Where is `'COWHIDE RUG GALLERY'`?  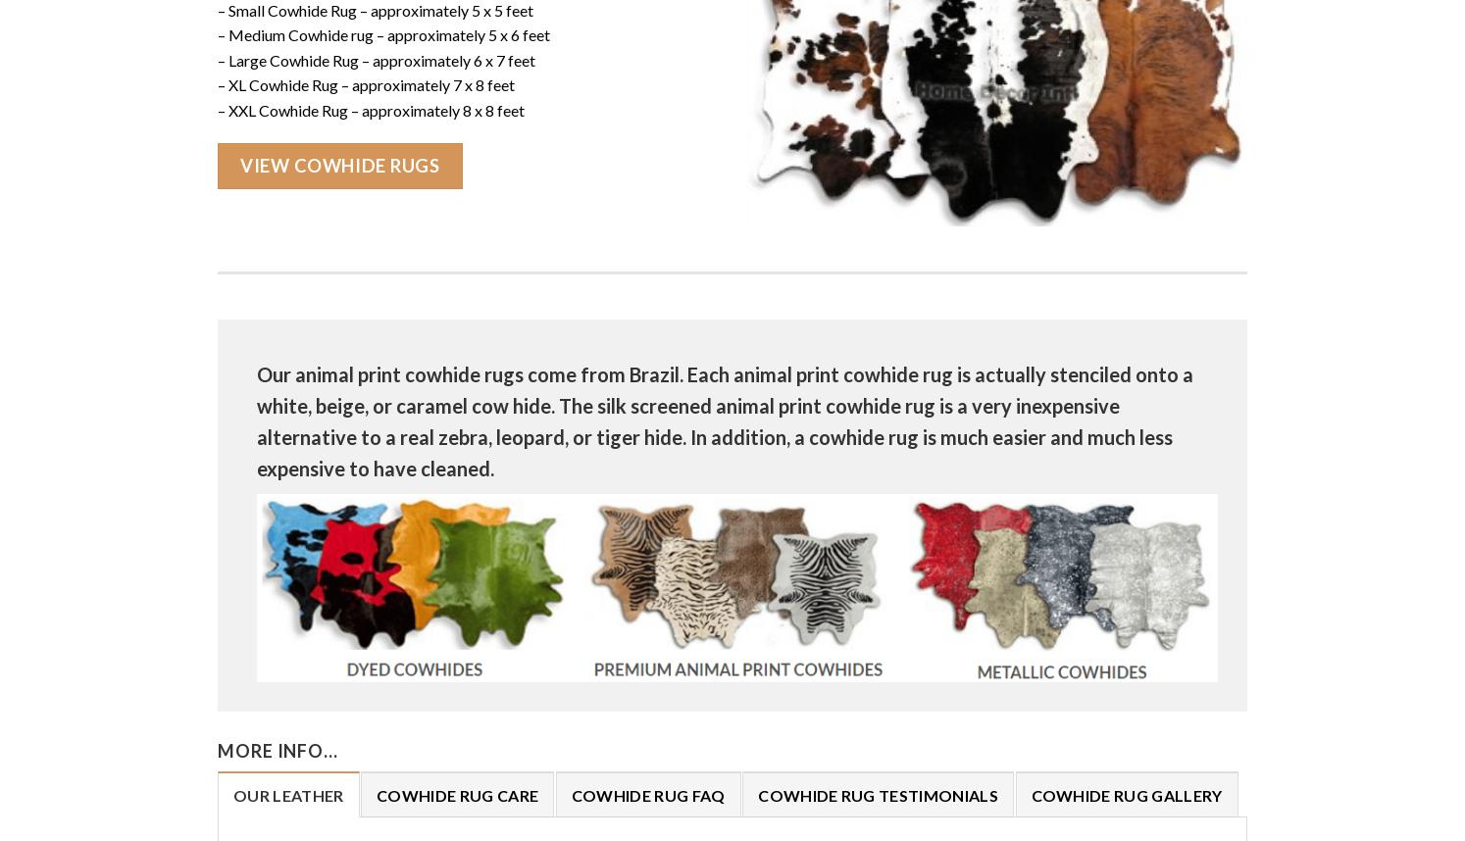
'COWHIDE RUG GALLERY' is located at coordinates (1126, 794).